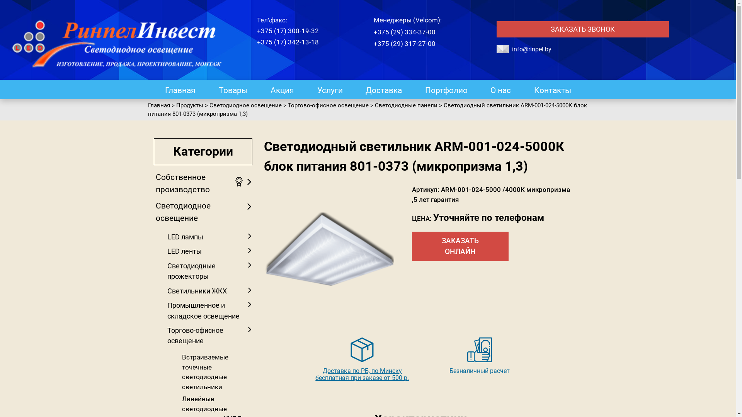  Describe the element at coordinates (373, 31) in the screenshot. I see `'+375 (29) 334-37-00'` at that location.